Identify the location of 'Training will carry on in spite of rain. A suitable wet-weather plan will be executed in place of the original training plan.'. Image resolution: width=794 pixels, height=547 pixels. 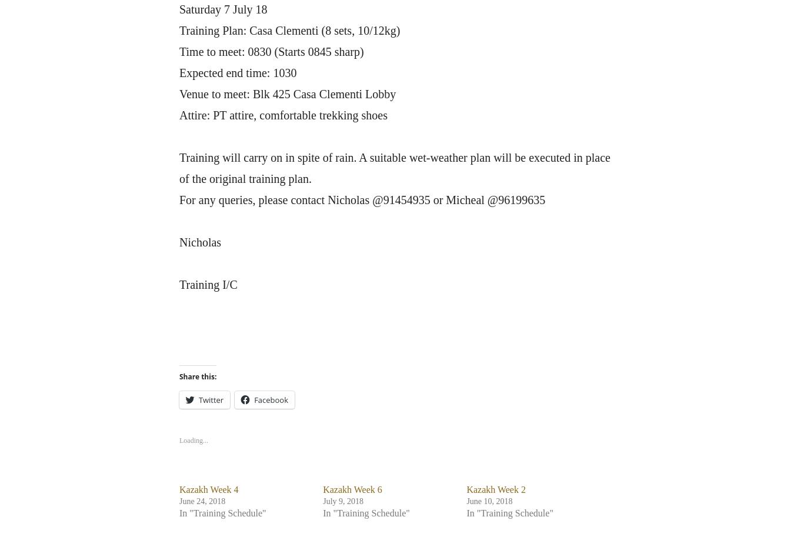
(394, 168).